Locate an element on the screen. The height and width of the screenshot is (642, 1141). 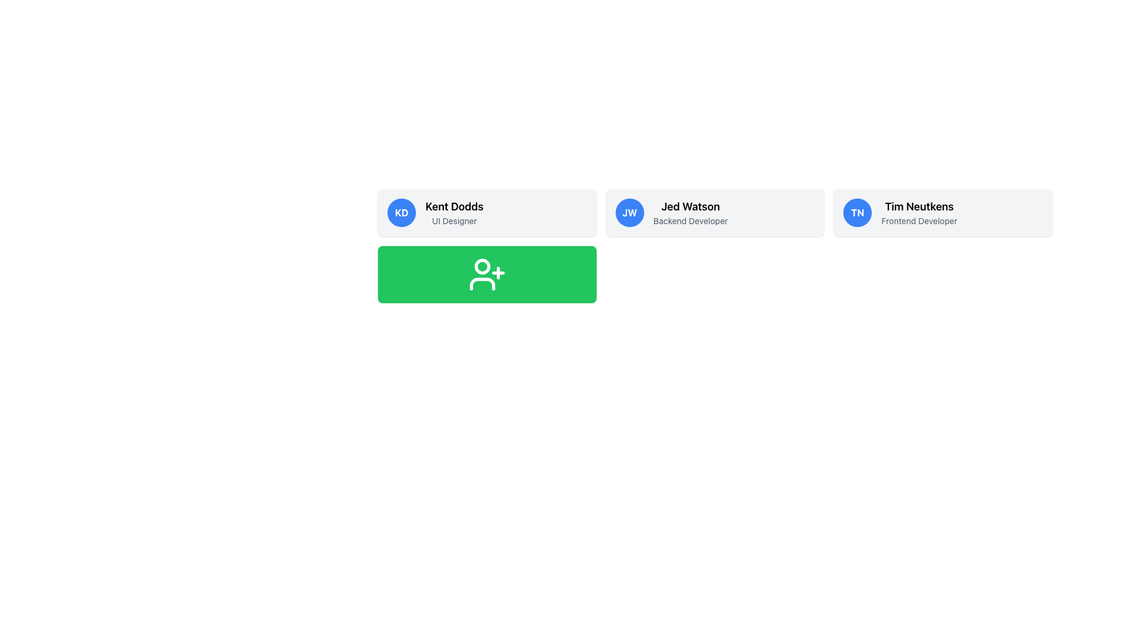
the text display showing 'Tim Neutkens' and 'Frontend Developer' within the third user card is located at coordinates (919, 212).